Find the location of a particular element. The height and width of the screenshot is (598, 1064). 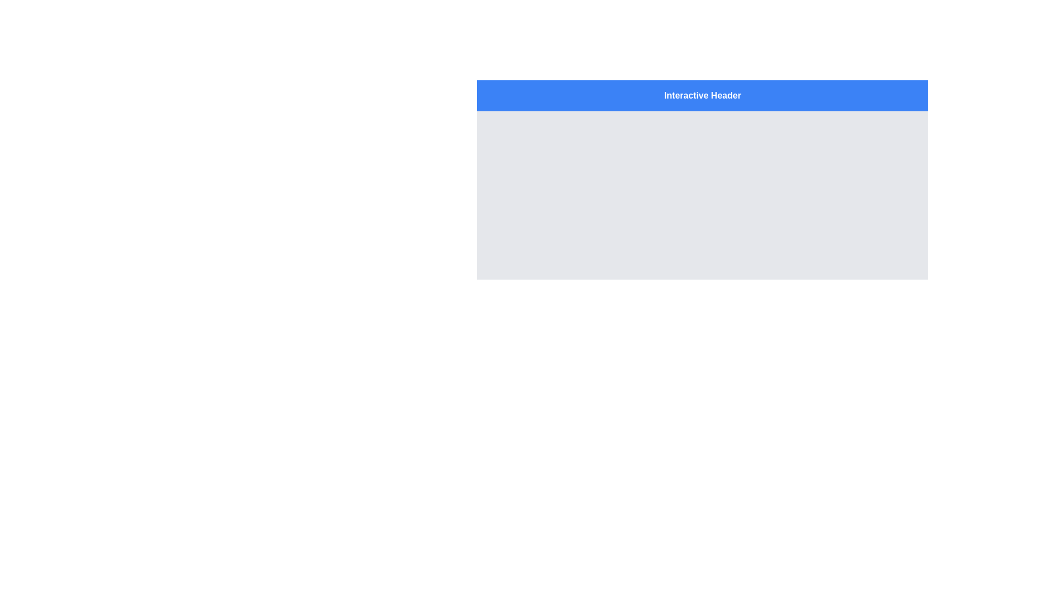

the static text header bar with blue background and bold white text reading 'Interactive Header' is located at coordinates (702, 95).